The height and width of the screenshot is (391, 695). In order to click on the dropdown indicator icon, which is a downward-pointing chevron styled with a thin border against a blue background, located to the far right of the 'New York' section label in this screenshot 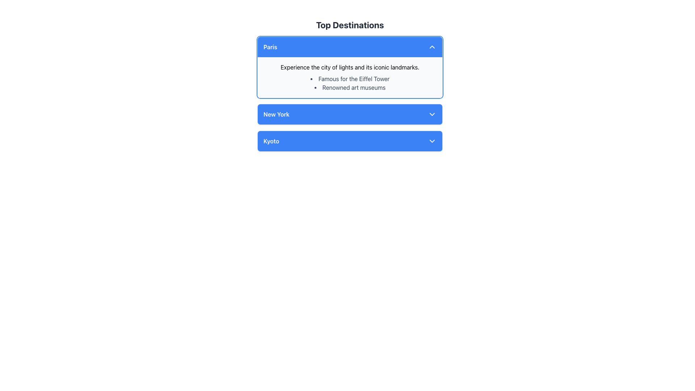, I will do `click(432, 114)`.